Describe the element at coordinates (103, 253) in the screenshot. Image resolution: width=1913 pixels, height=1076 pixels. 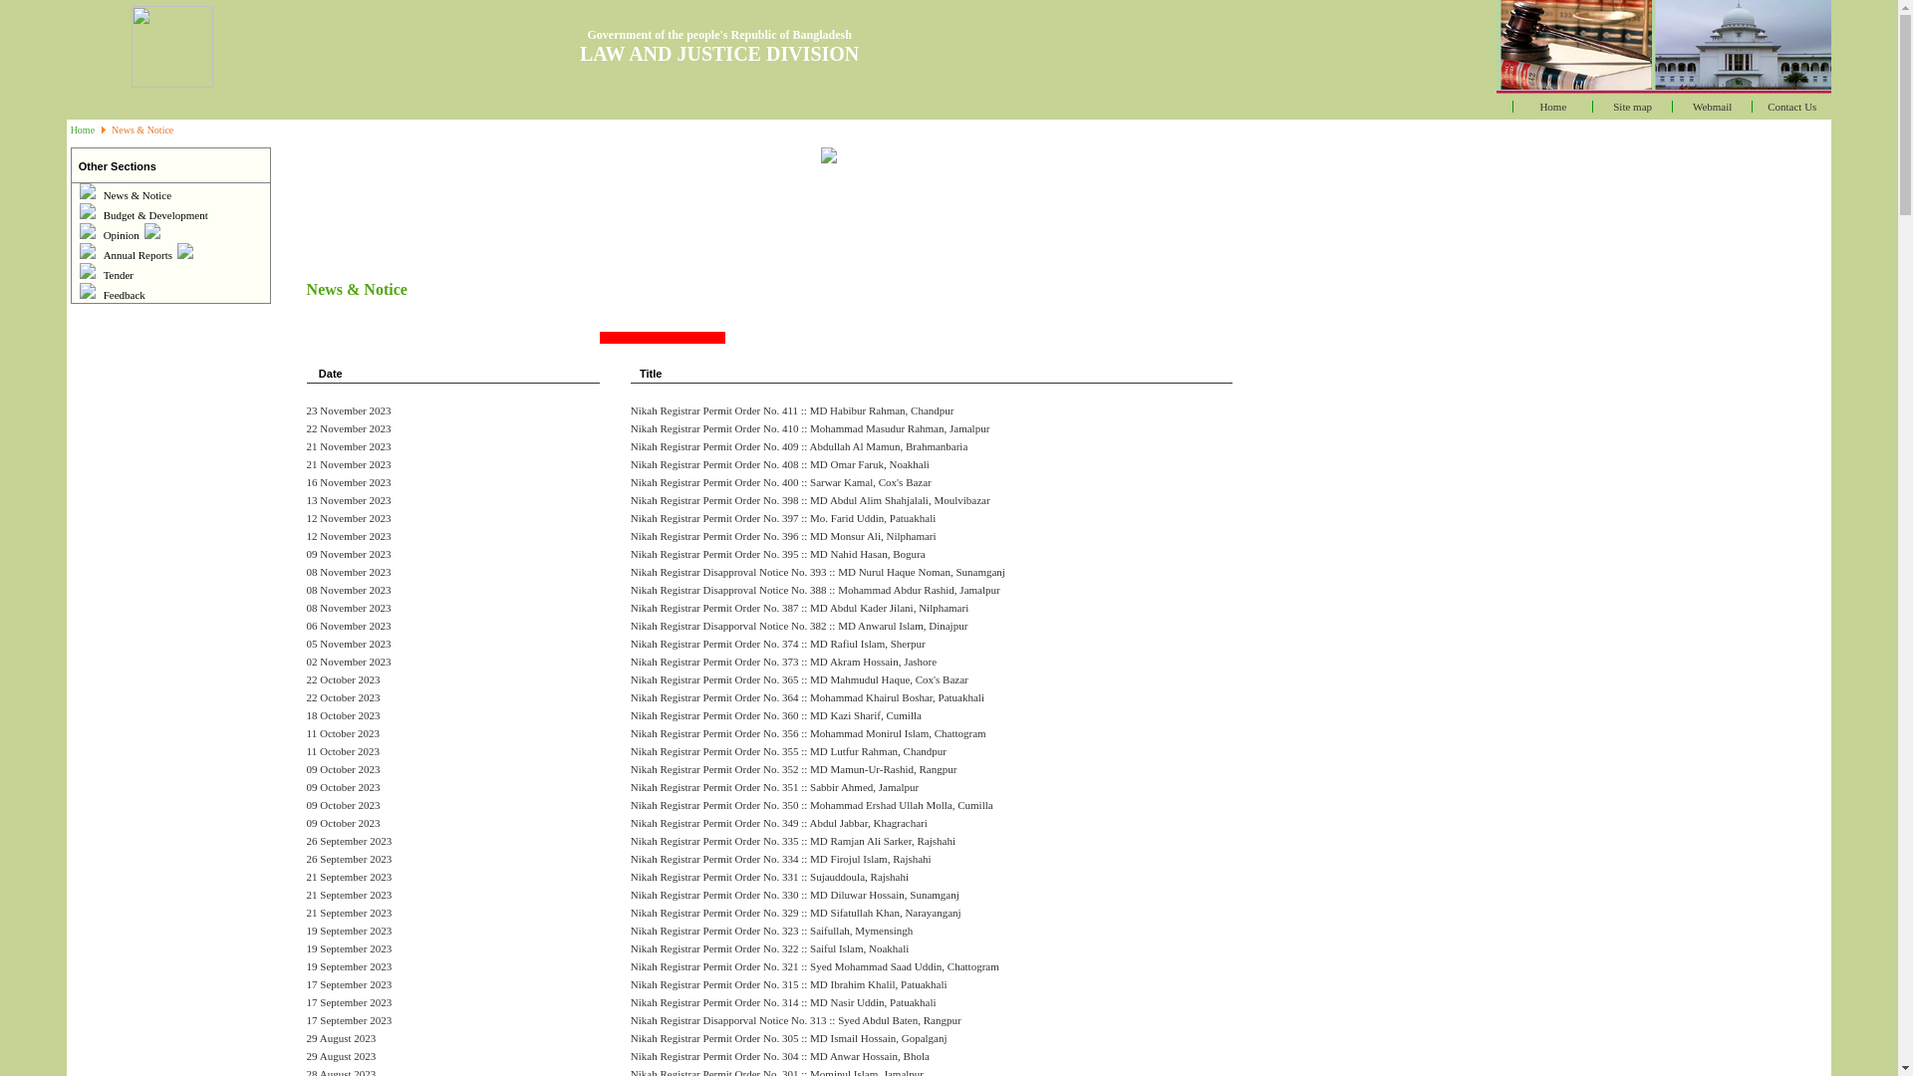
I see `'Annual Reports  '` at that location.